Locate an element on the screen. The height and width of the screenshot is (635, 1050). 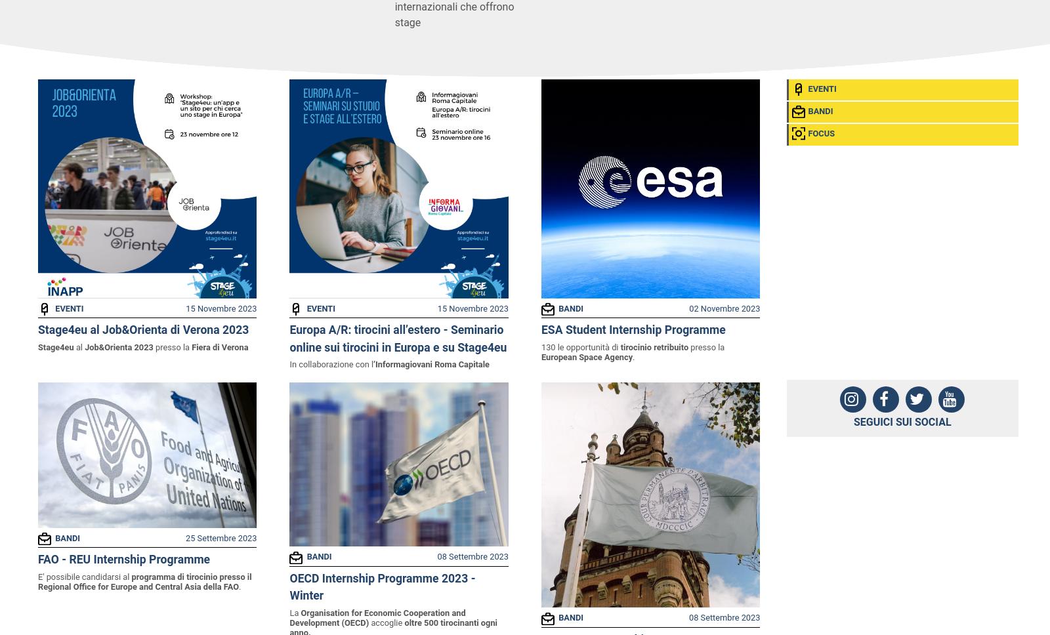
'Job&Orienta 2023' is located at coordinates (117, 346).